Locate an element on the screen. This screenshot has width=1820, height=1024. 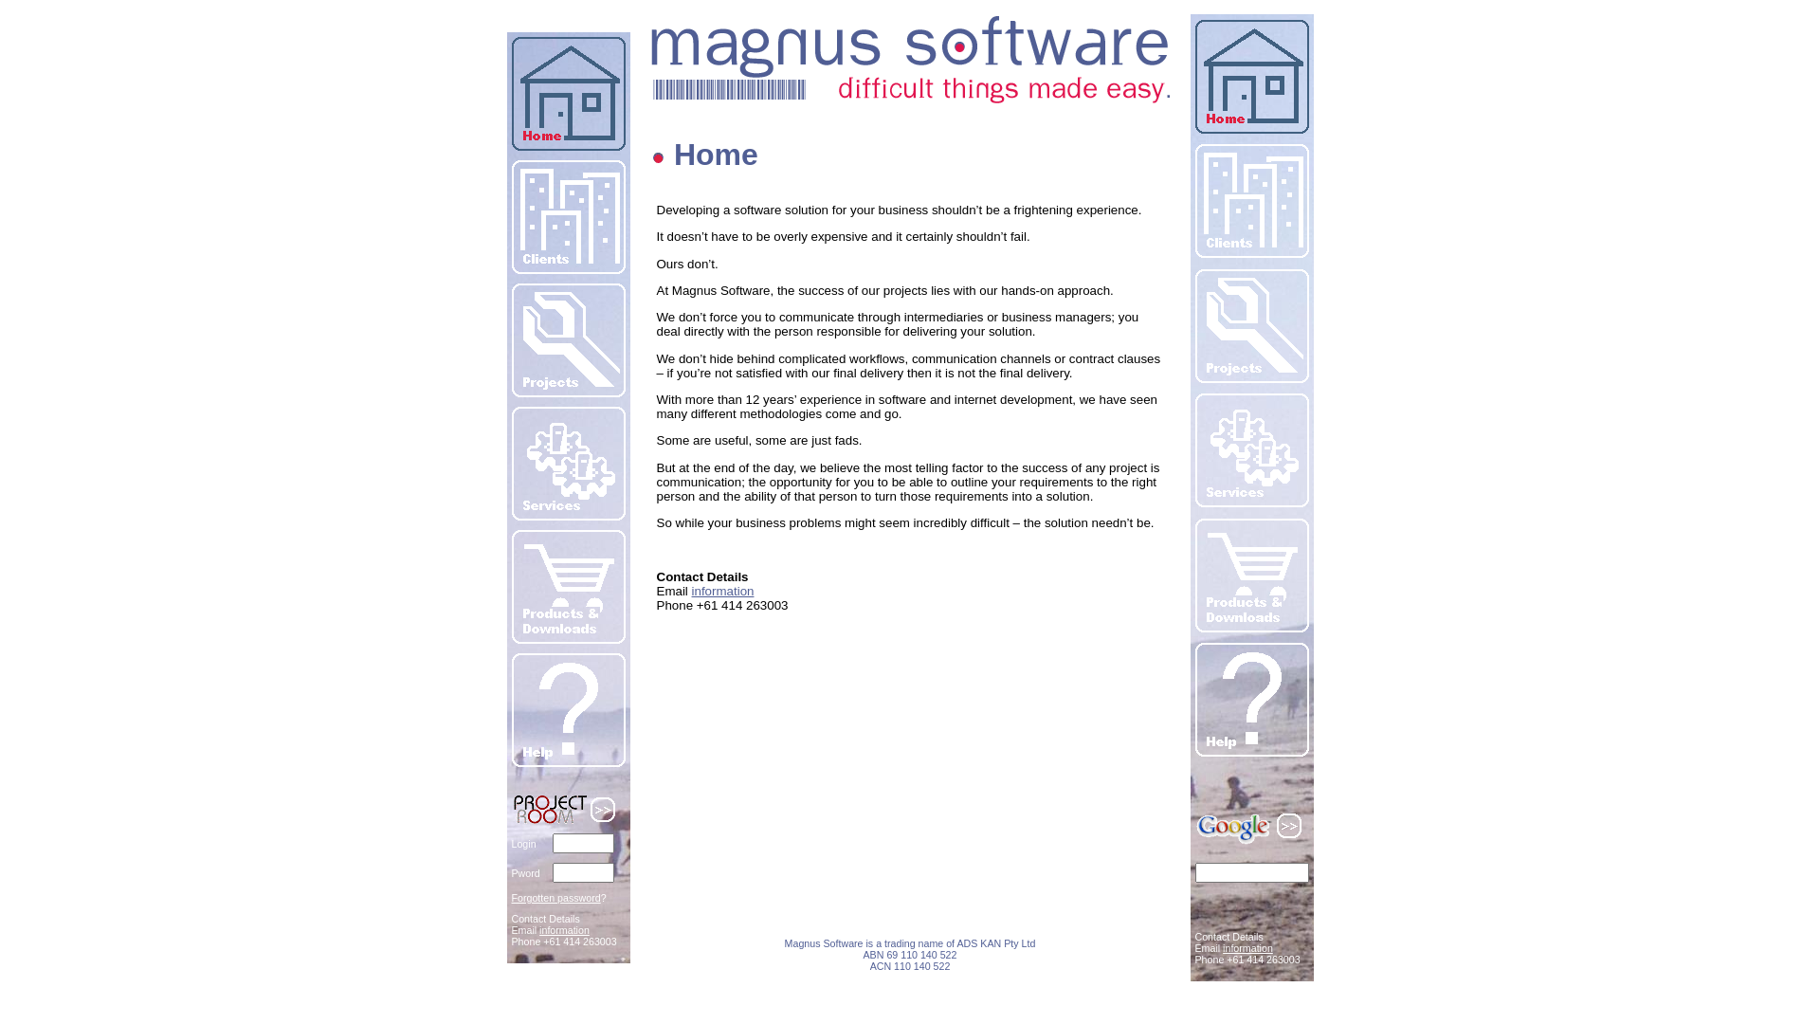
'information' is located at coordinates (1247, 947).